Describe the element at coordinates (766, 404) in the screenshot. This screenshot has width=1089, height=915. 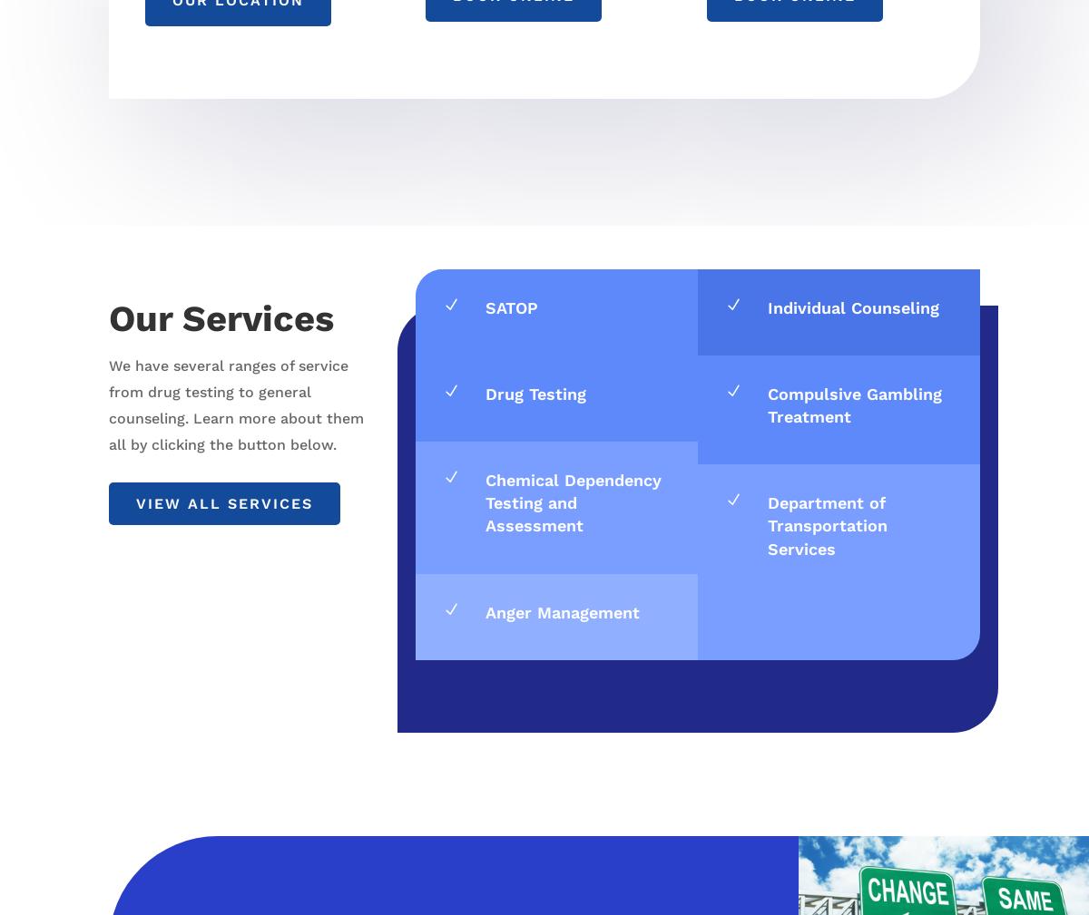
I see `'Compulsive Gambling Treatment'` at that location.